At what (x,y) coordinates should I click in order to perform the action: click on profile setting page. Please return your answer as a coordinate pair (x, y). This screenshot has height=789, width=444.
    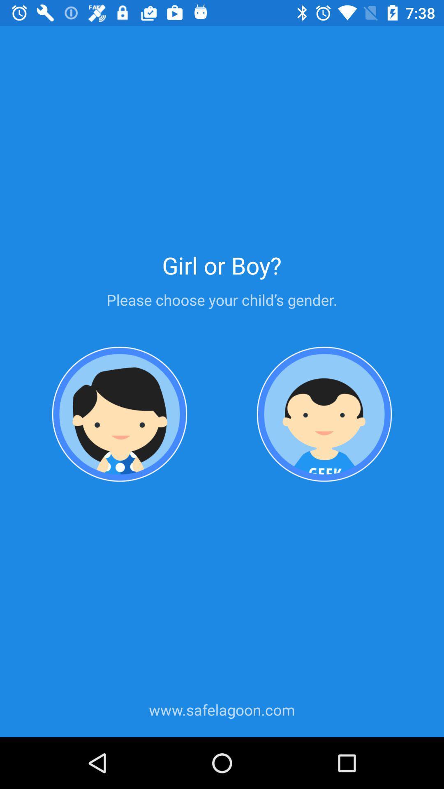
    Looking at the image, I should click on (324, 415).